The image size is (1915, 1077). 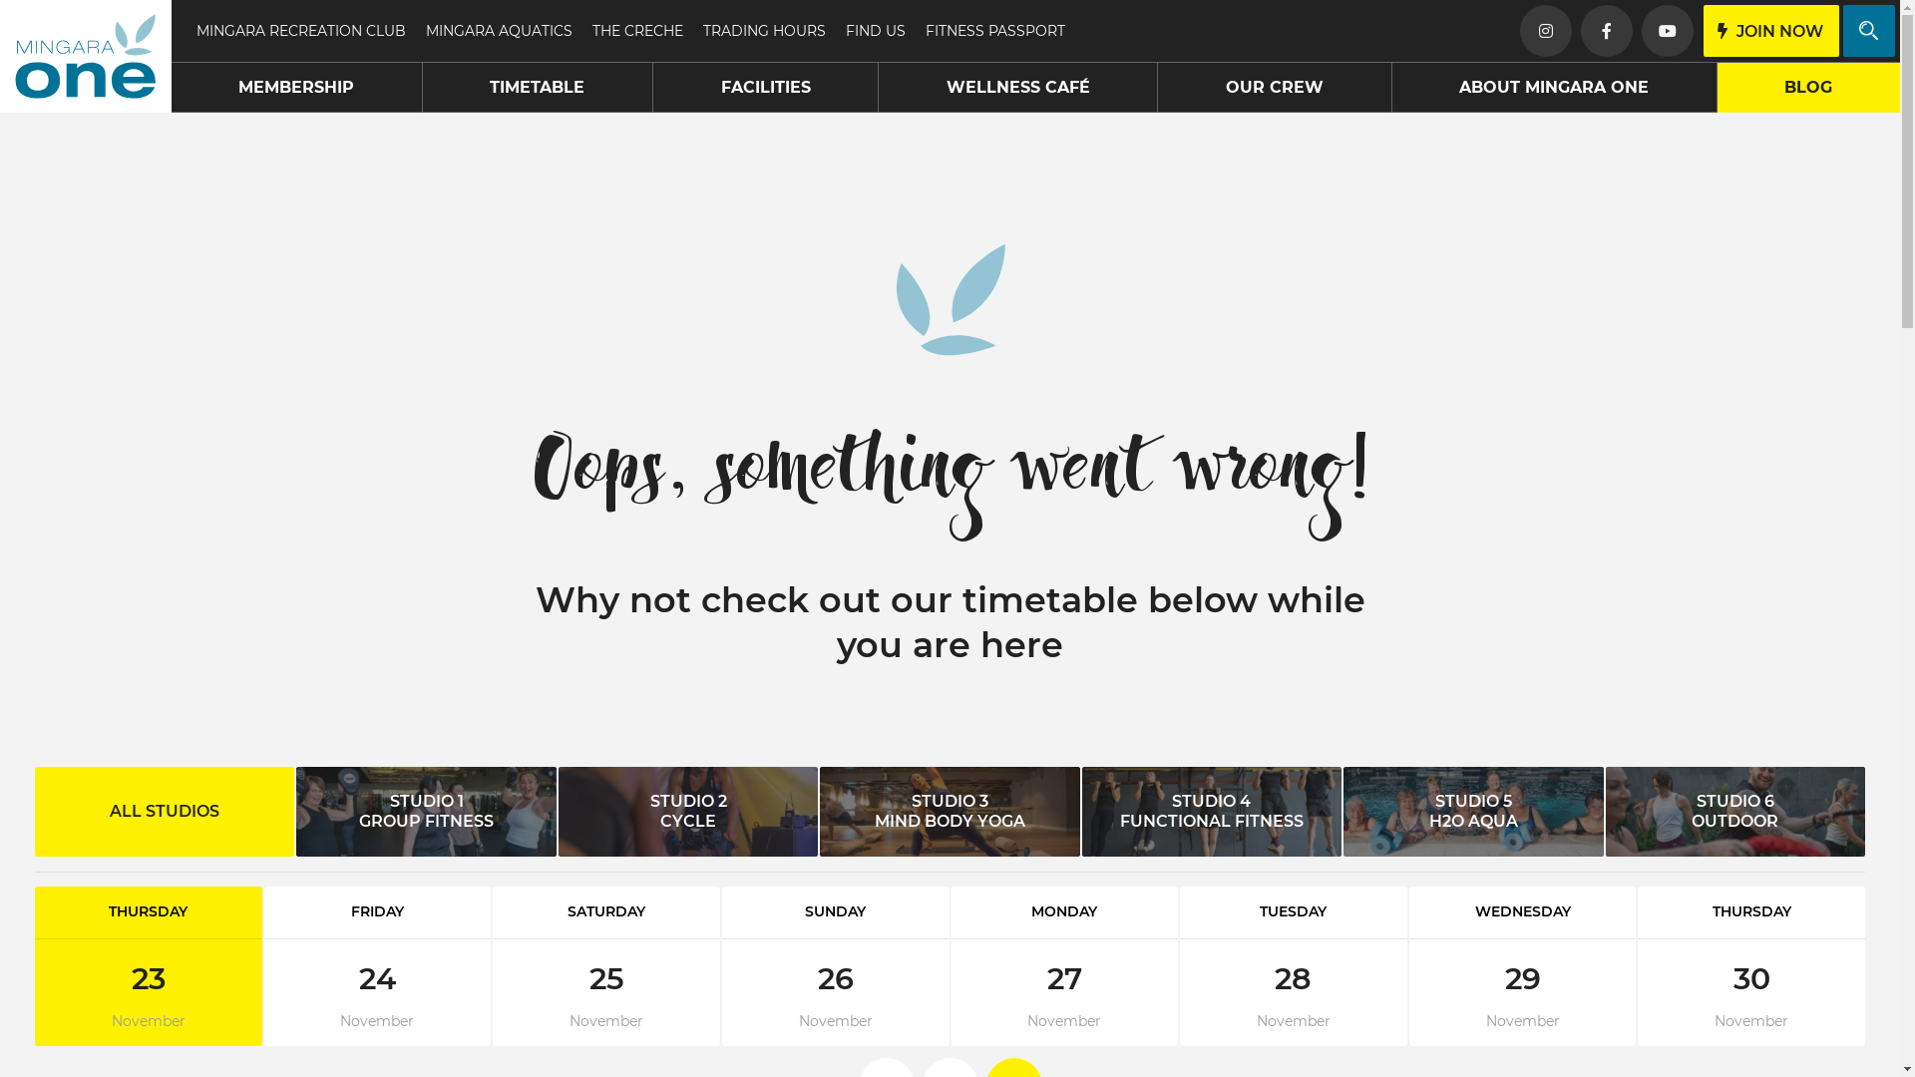 I want to click on 'TRADING HOURS', so click(x=762, y=30).